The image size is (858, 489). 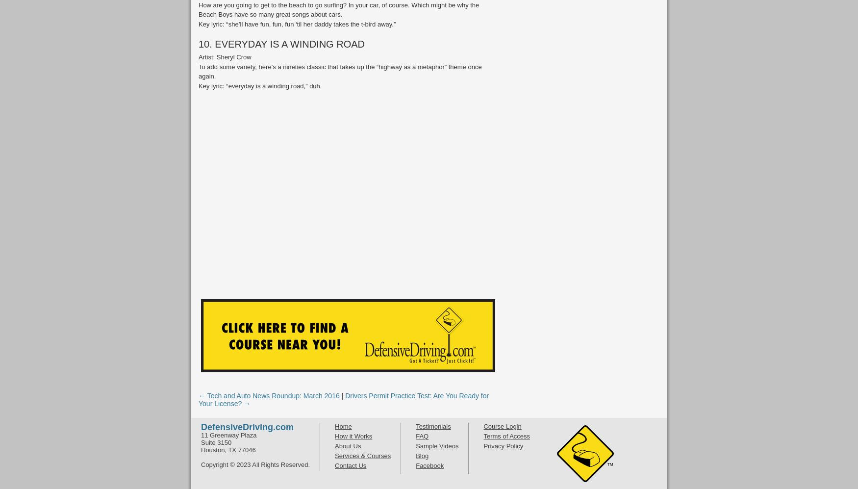 What do you see at coordinates (363, 455) in the screenshot?
I see `'Services & Courses'` at bounding box center [363, 455].